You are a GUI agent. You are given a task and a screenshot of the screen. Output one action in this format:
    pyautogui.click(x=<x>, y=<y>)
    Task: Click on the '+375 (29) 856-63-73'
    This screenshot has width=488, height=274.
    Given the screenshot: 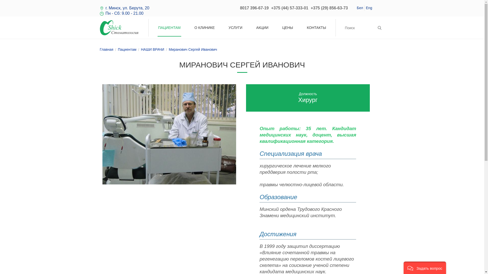 What is the action you would take?
    pyautogui.click(x=310, y=8)
    